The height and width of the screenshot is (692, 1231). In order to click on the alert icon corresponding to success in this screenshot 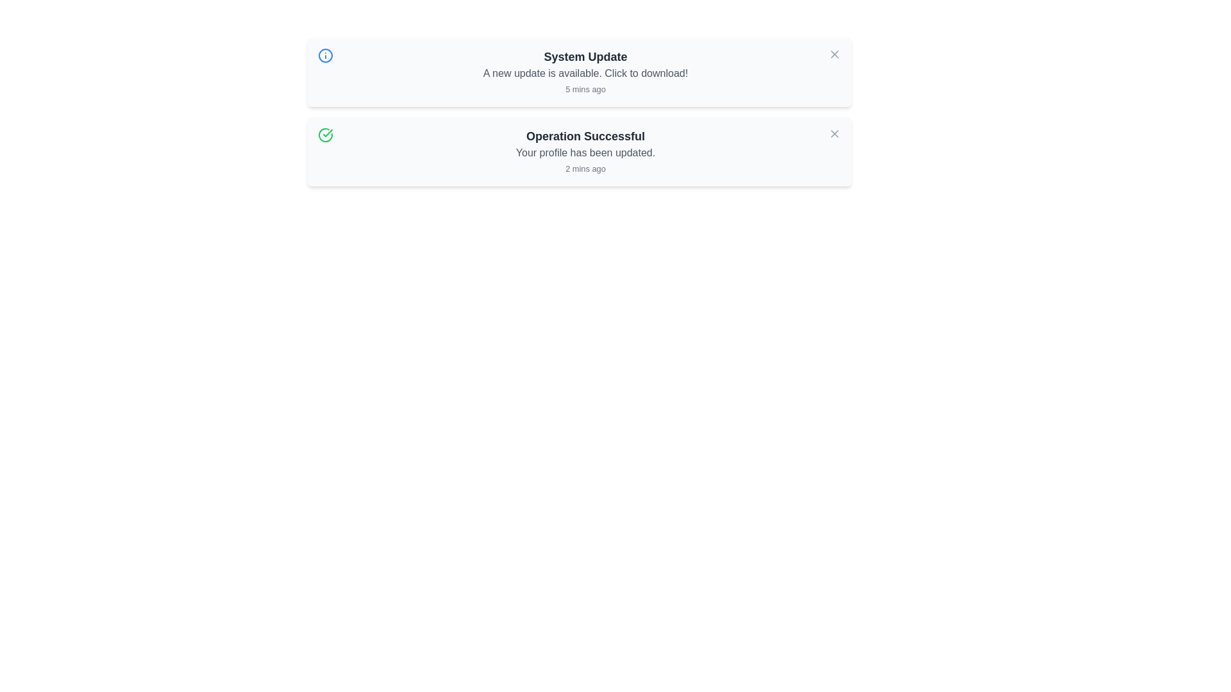, I will do `click(325, 135)`.